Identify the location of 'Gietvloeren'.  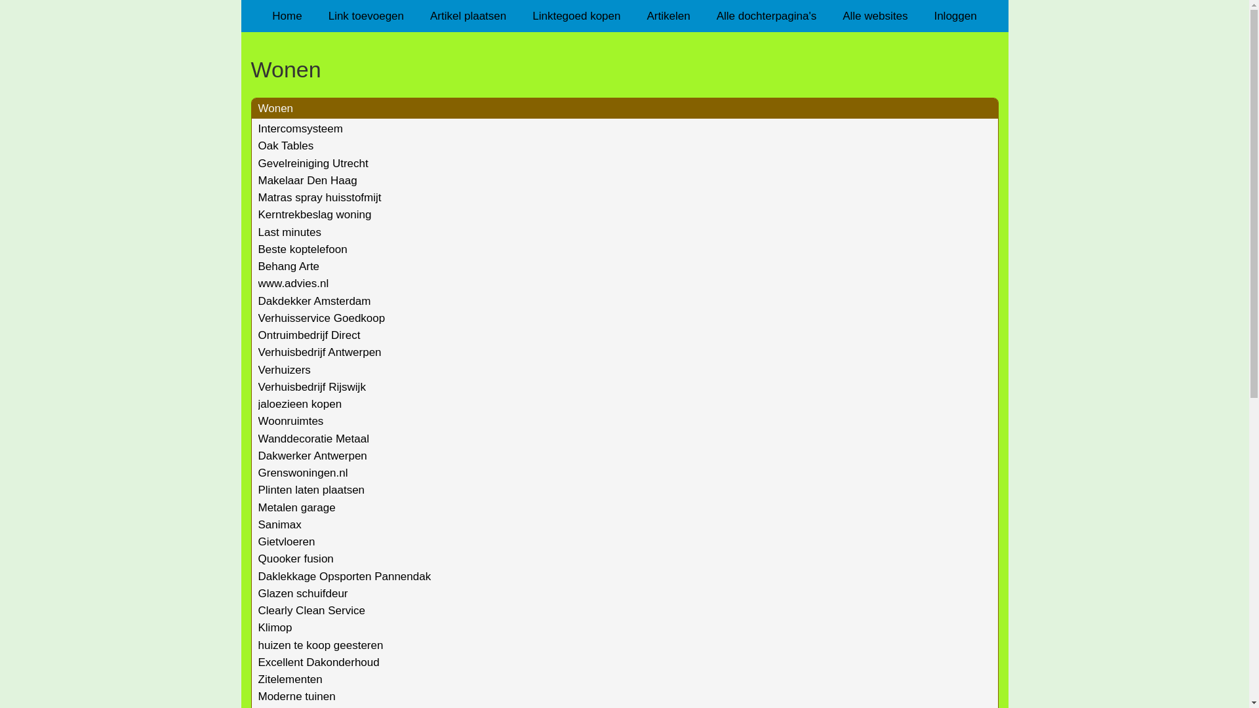
(286, 541).